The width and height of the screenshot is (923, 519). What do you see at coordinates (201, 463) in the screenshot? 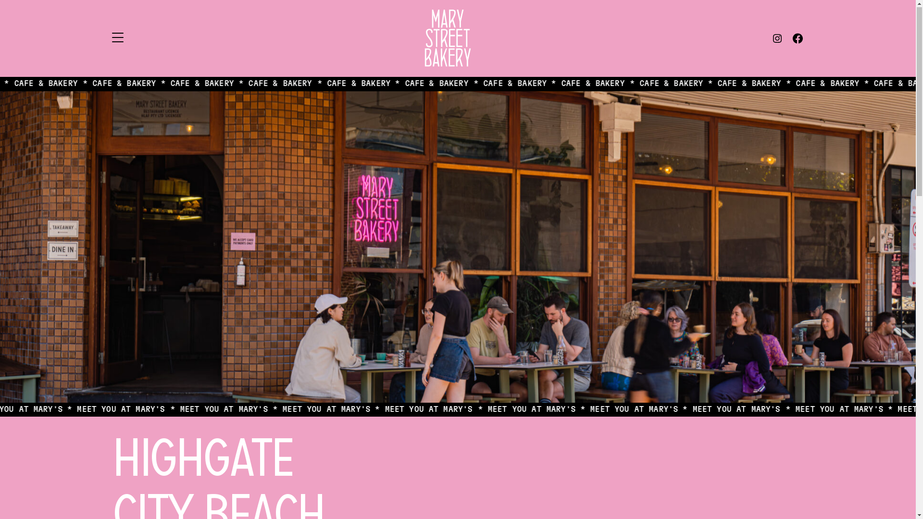
I see `'Highgate'` at bounding box center [201, 463].